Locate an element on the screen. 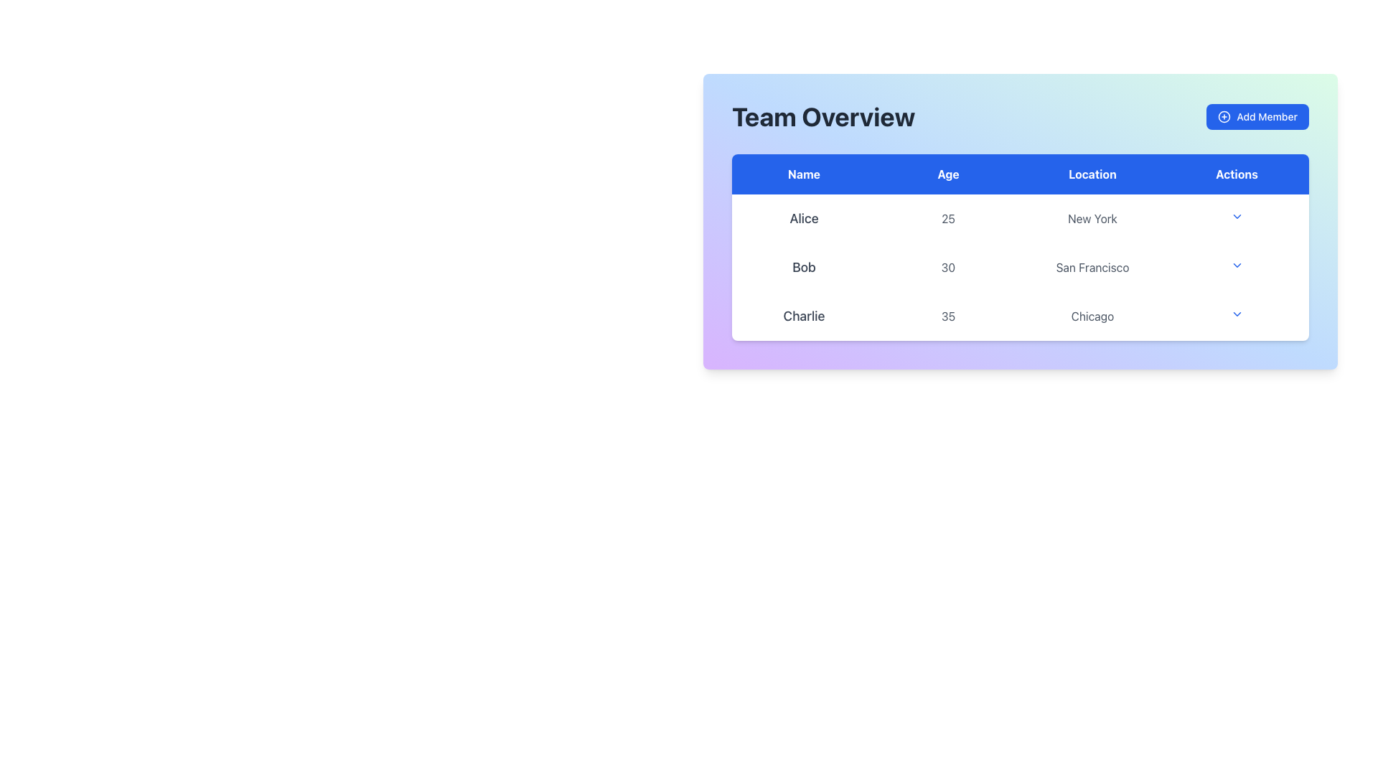  the small downward-facing chevron icon styled in blue located in the 'Actions' column of the table aligned with the 'New York' row is located at coordinates (1236, 216).